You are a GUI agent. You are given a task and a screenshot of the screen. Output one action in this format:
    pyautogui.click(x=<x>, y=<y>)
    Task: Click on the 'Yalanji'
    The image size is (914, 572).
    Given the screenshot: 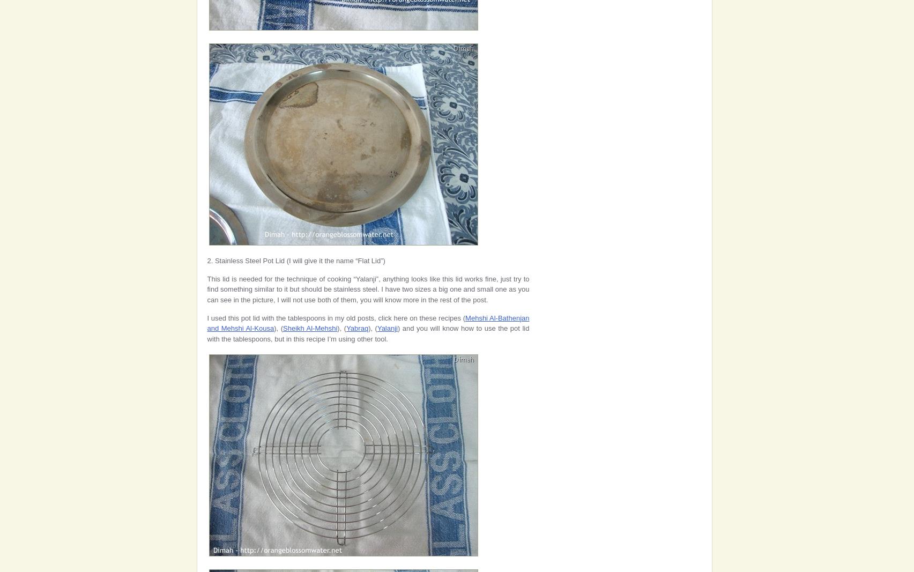 What is the action you would take?
    pyautogui.click(x=387, y=328)
    